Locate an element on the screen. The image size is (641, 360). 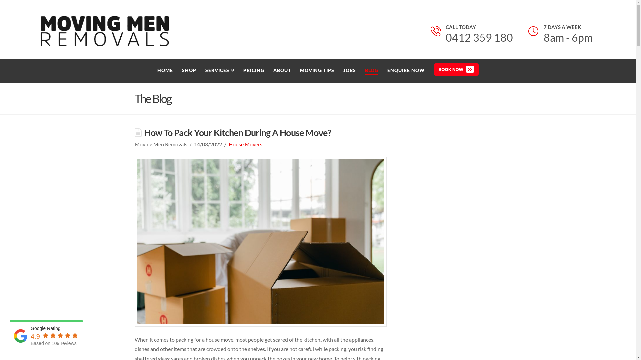
'BLOG' is located at coordinates (371, 71).